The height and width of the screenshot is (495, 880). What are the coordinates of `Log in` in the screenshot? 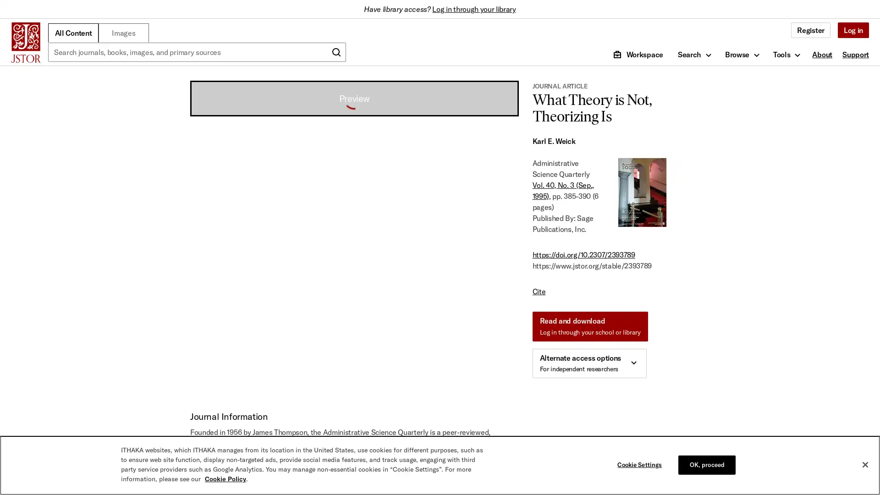 It's located at (852, 29).